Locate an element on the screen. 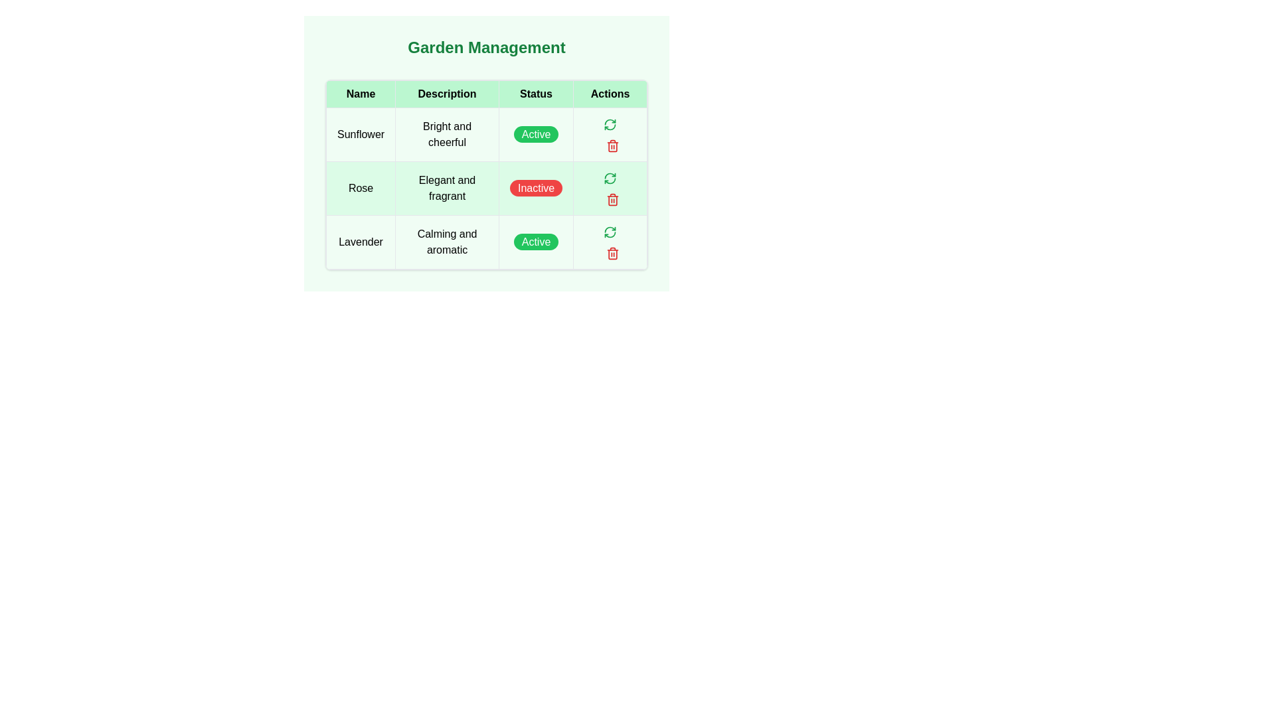 This screenshot has height=717, width=1275. the refresh icon button located in the first row under the 'Actions' column of the table in the 'Garden Management' interface, next to the 'Active' status indicator for the 'Sunflower' row is located at coordinates (610, 177).